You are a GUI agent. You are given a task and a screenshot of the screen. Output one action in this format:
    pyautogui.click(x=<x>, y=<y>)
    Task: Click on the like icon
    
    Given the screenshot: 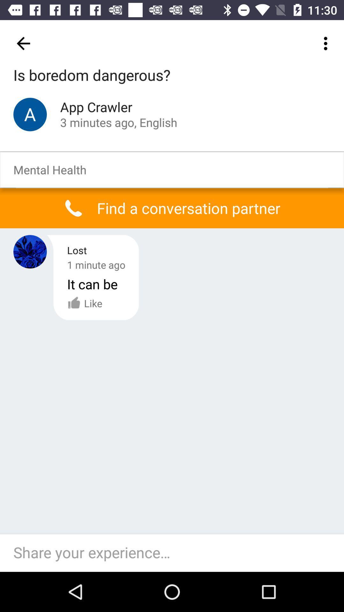 What is the action you would take?
    pyautogui.click(x=84, y=303)
    